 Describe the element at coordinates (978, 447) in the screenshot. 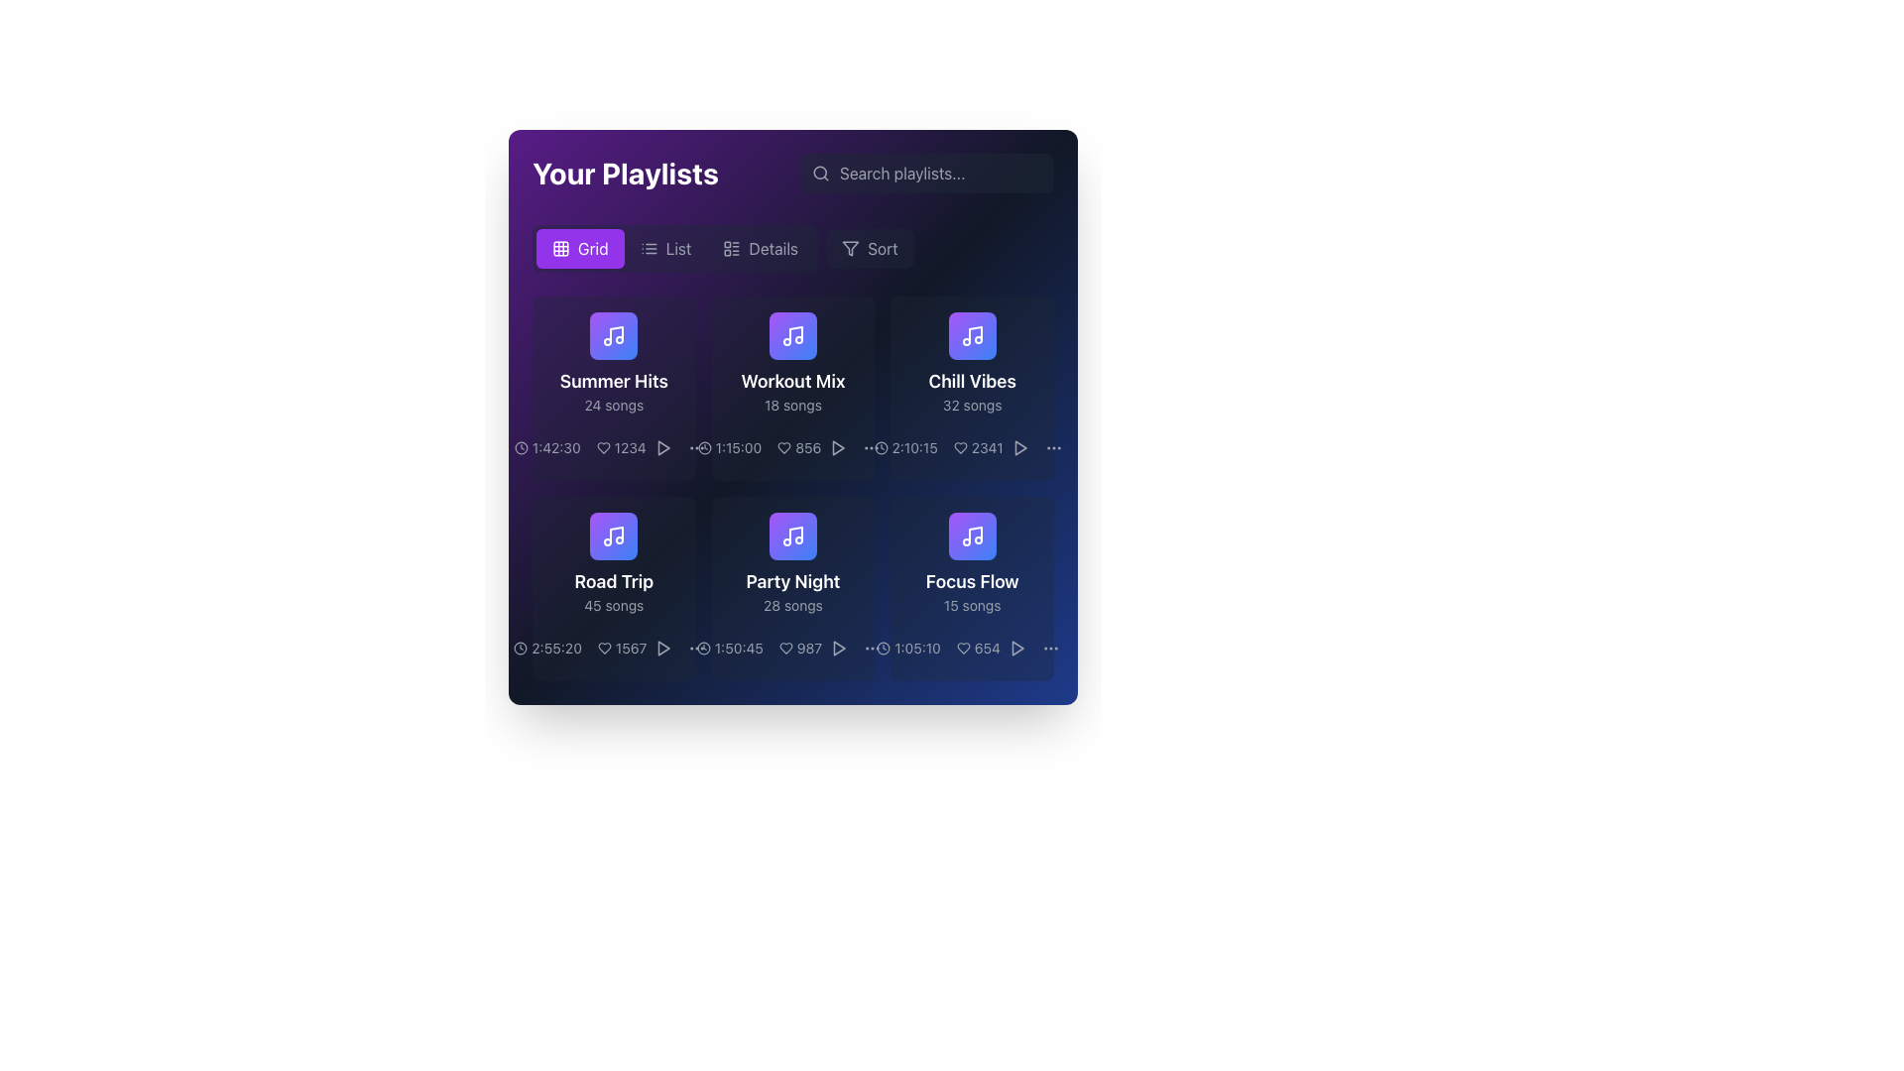

I see `numerical label displaying the number of likes or favorites for the 'Chill Vibes' playlist, located in the lower-right section of the playlist card, next to the heart icon` at that location.